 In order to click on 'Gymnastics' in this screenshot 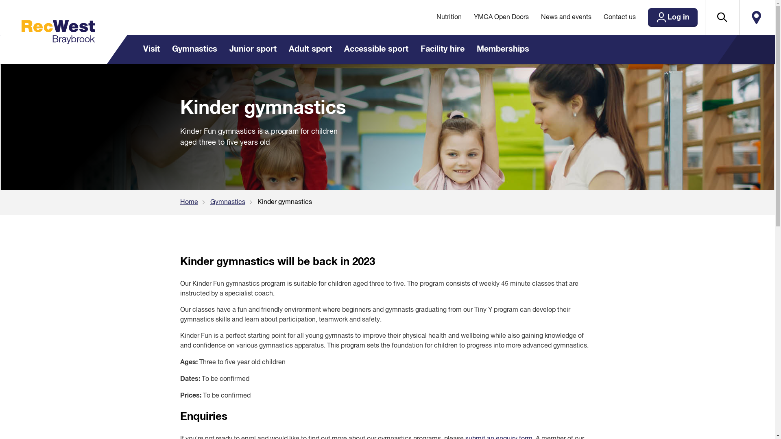, I will do `click(194, 49)`.